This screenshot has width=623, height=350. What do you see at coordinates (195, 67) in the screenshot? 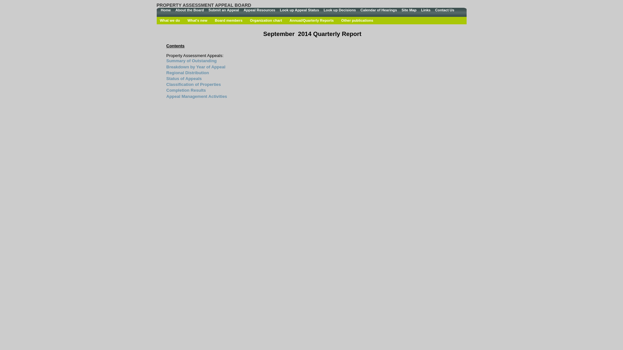
I see `'Breakdown by Year of Appeal'` at bounding box center [195, 67].